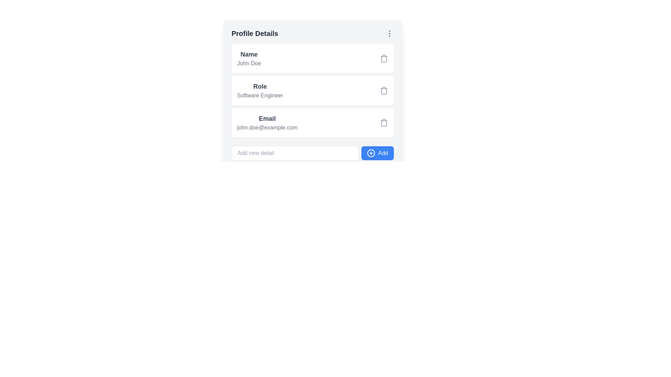 The height and width of the screenshot is (377, 671). Describe the element at coordinates (371, 153) in the screenshot. I see `the icon of a circle with a plus sign inside, located to the left of the 'Add' button in the bottom-right corner of the 'Profile Details' form` at that location.